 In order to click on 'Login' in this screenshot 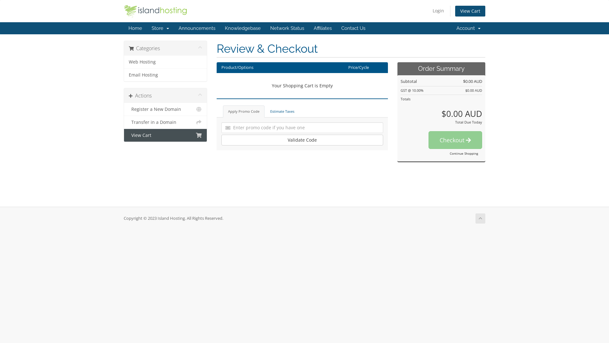, I will do `click(438, 11)`.